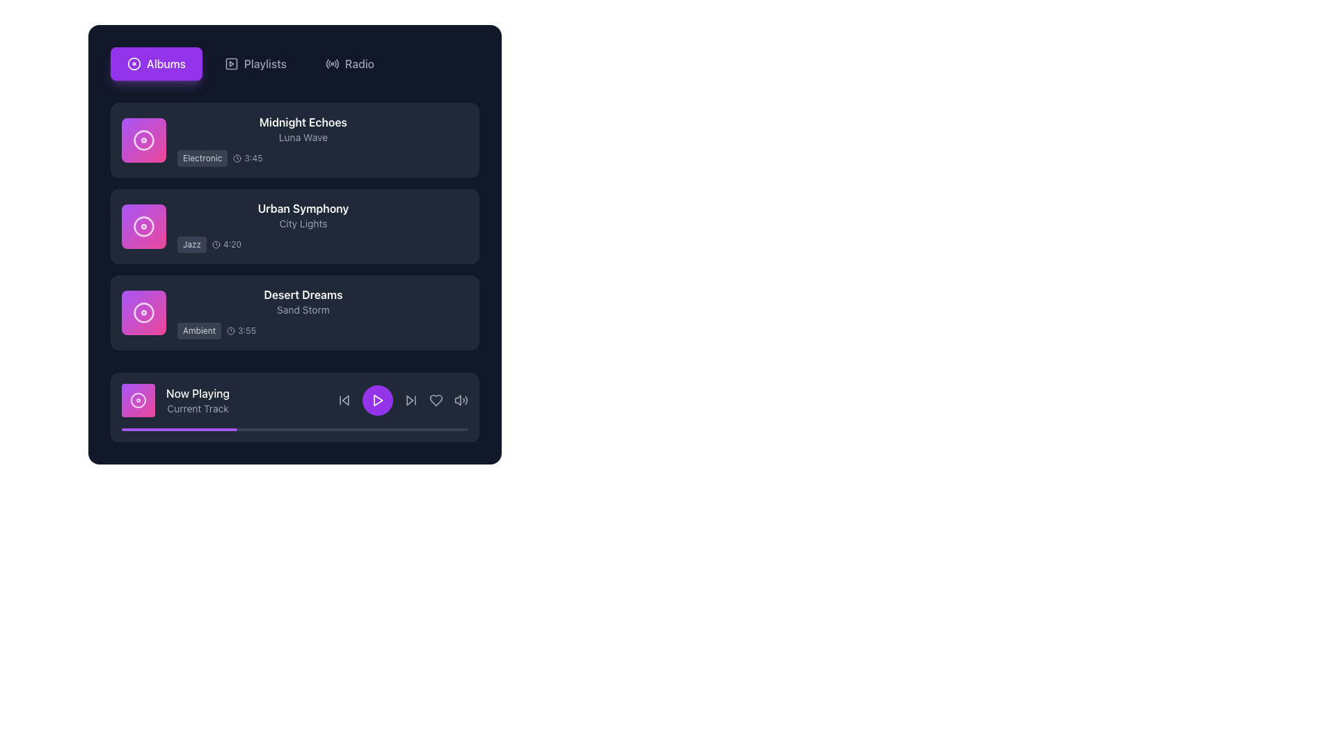 This screenshot has height=751, width=1336. I want to click on the heart icon located in the bottom 'Now Playing' section of the application interface to mark the currently playing track as a favorite, so click(436, 400).